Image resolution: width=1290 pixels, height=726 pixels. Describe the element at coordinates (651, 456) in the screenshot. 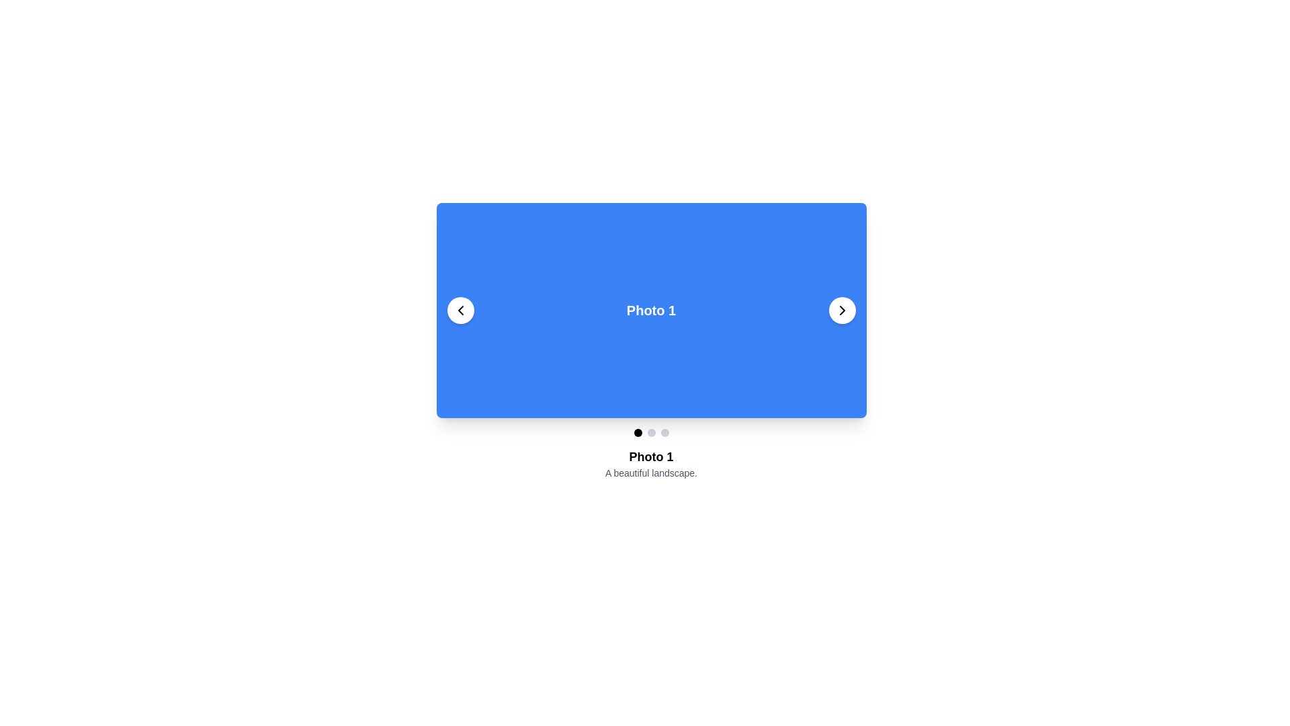

I see `text label displaying 'Photo 1' that serves as the title for the photo in the carousel above` at that location.